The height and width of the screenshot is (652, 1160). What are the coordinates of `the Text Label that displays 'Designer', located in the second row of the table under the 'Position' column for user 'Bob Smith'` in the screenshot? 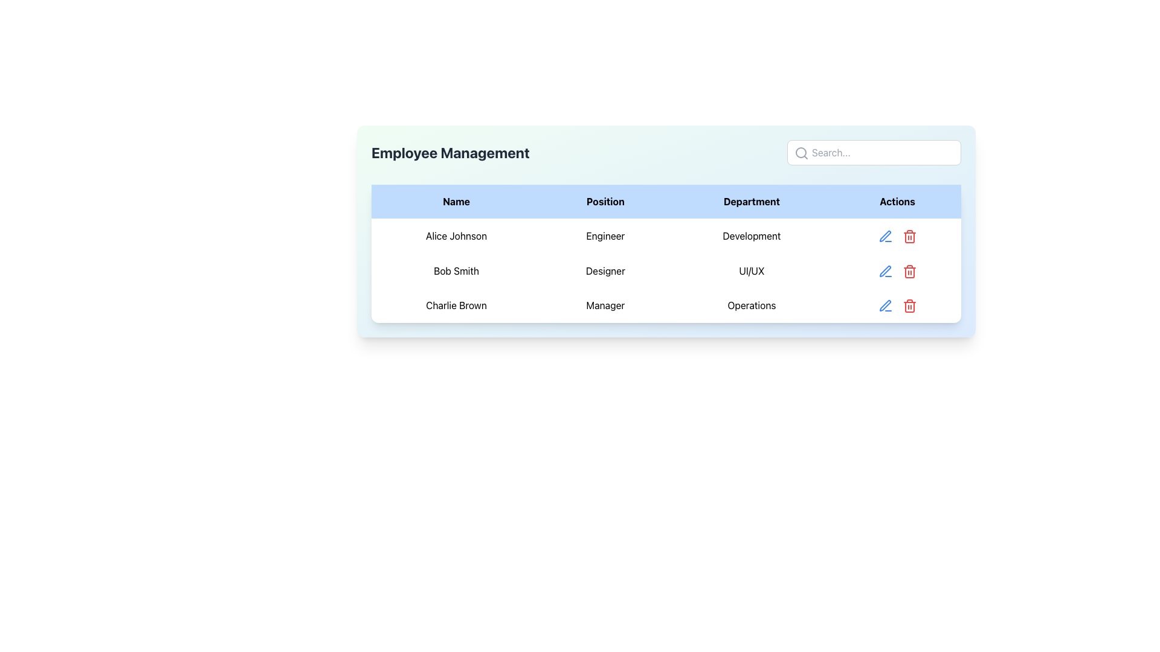 It's located at (605, 270).